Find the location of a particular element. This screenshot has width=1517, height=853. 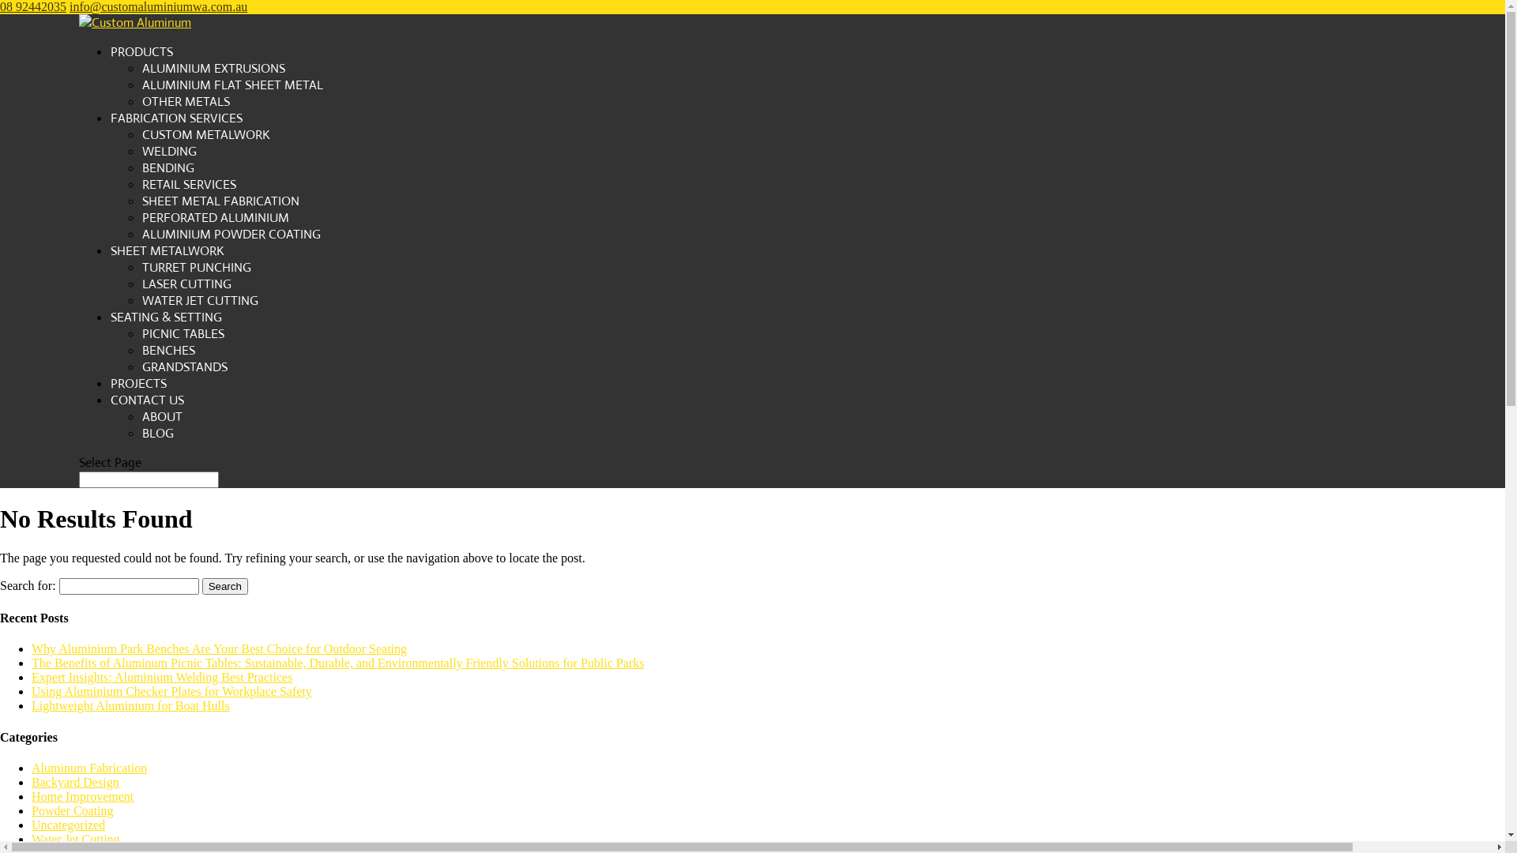

'PERFORATED ALUMINIUM' is located at coordinates (142, 217).